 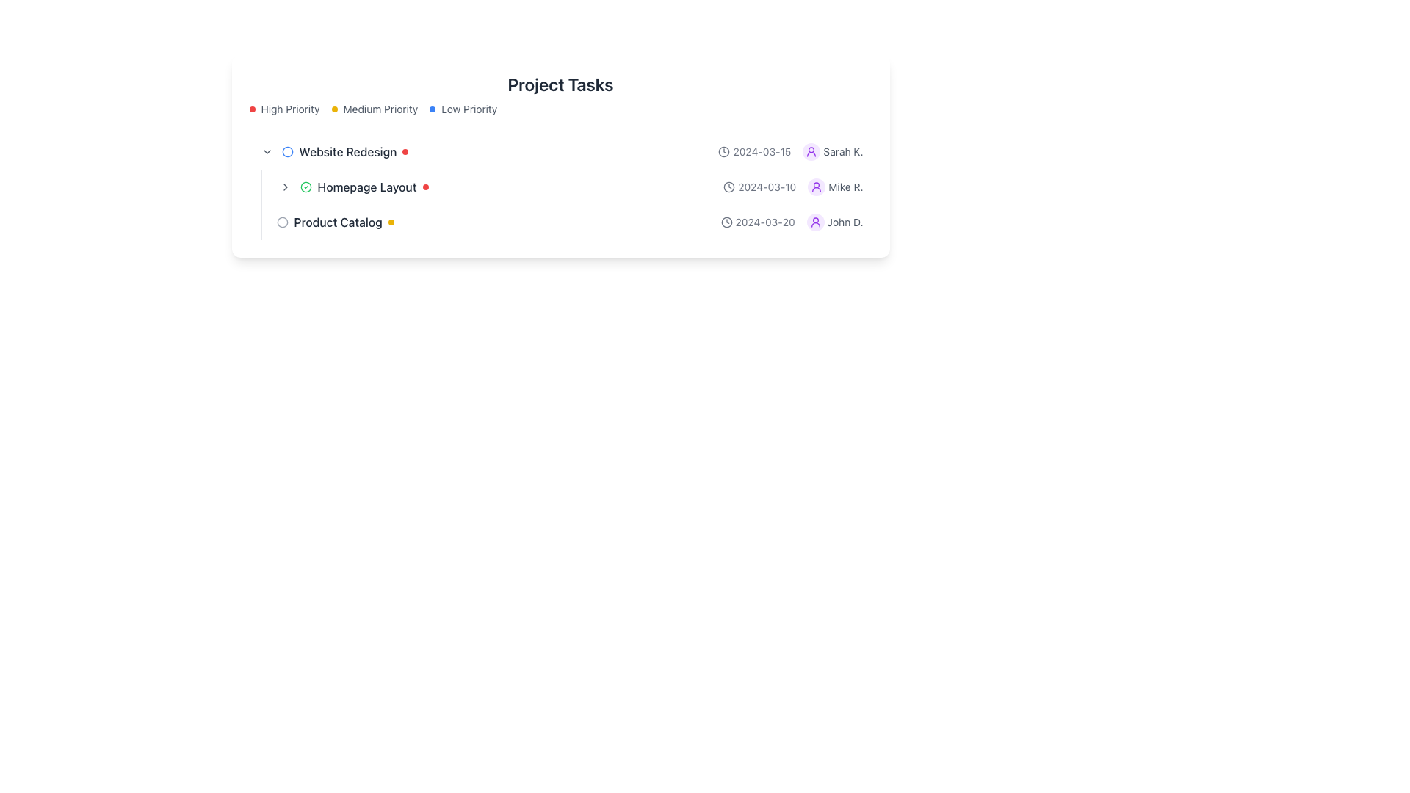 What do you see at coordinates (835, 186) in the screenshot?
I see `the user information label indicating 'Mike R.' which is located in the second row of the task details list, positioned between the date '2024-03-10' and the adjacent task name` at bounding box center [835, 186].